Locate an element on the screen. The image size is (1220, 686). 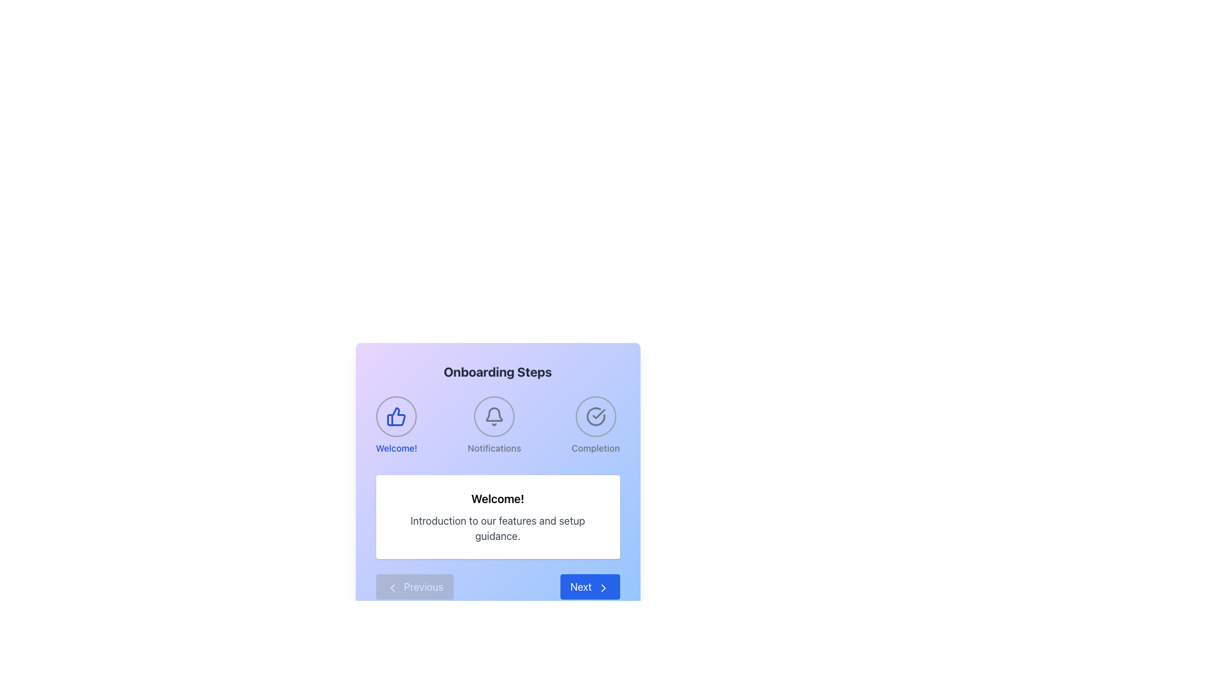
the 'Previous' button, which has a light gray background, rounded edges, and white text with a leftward arrow icon is located at coordinates (414, 587).